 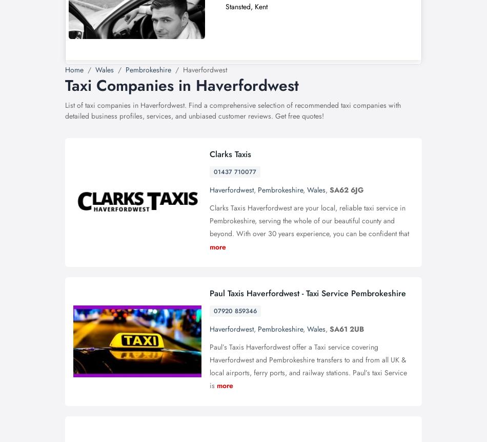 I want to click on 'Add business', so click(x=351, y=26).